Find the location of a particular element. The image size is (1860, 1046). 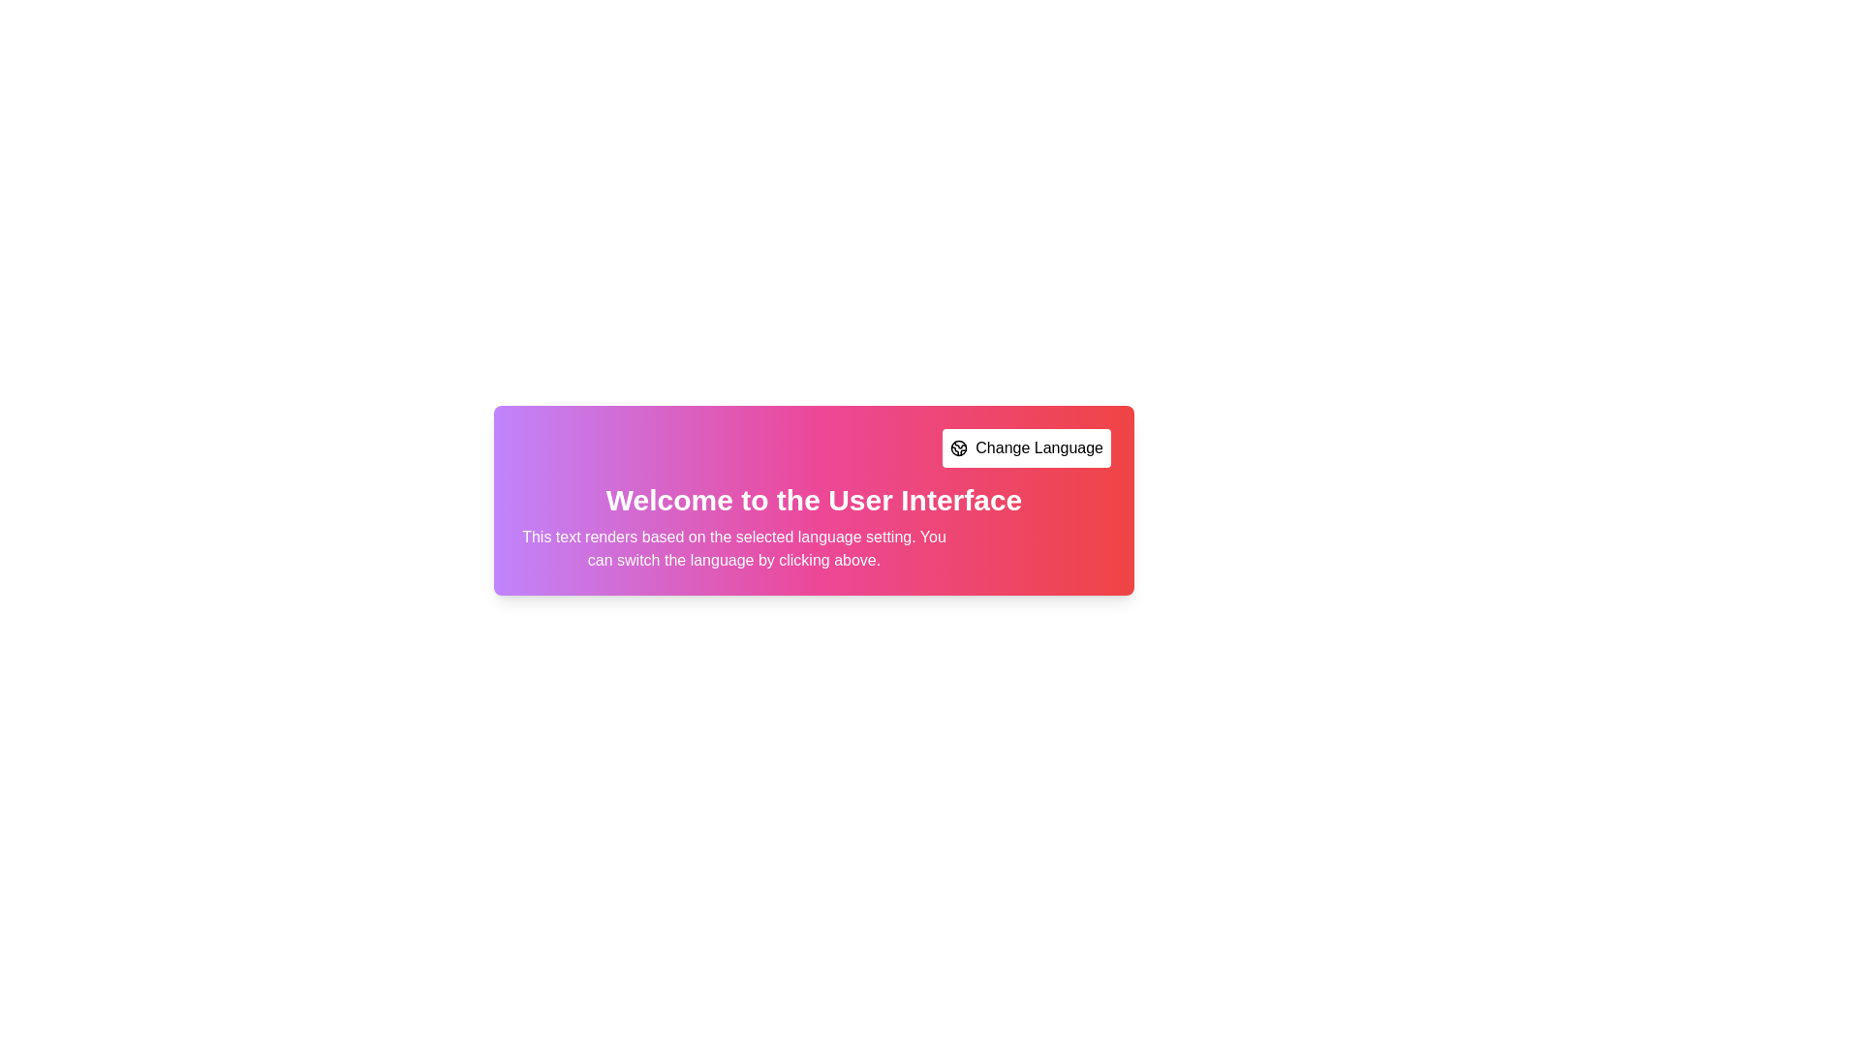

the language change button located at the top right corner of the gradient-colored card containing 'Welcome to the User Interface' to change the language setting is located at coordinates (1026, 447).